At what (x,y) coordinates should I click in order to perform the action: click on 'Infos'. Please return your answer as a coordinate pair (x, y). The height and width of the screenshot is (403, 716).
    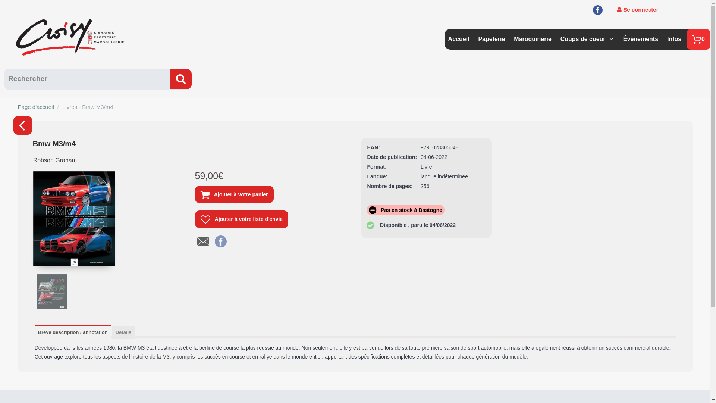
    Looking at the image, I should click on (674, 36).